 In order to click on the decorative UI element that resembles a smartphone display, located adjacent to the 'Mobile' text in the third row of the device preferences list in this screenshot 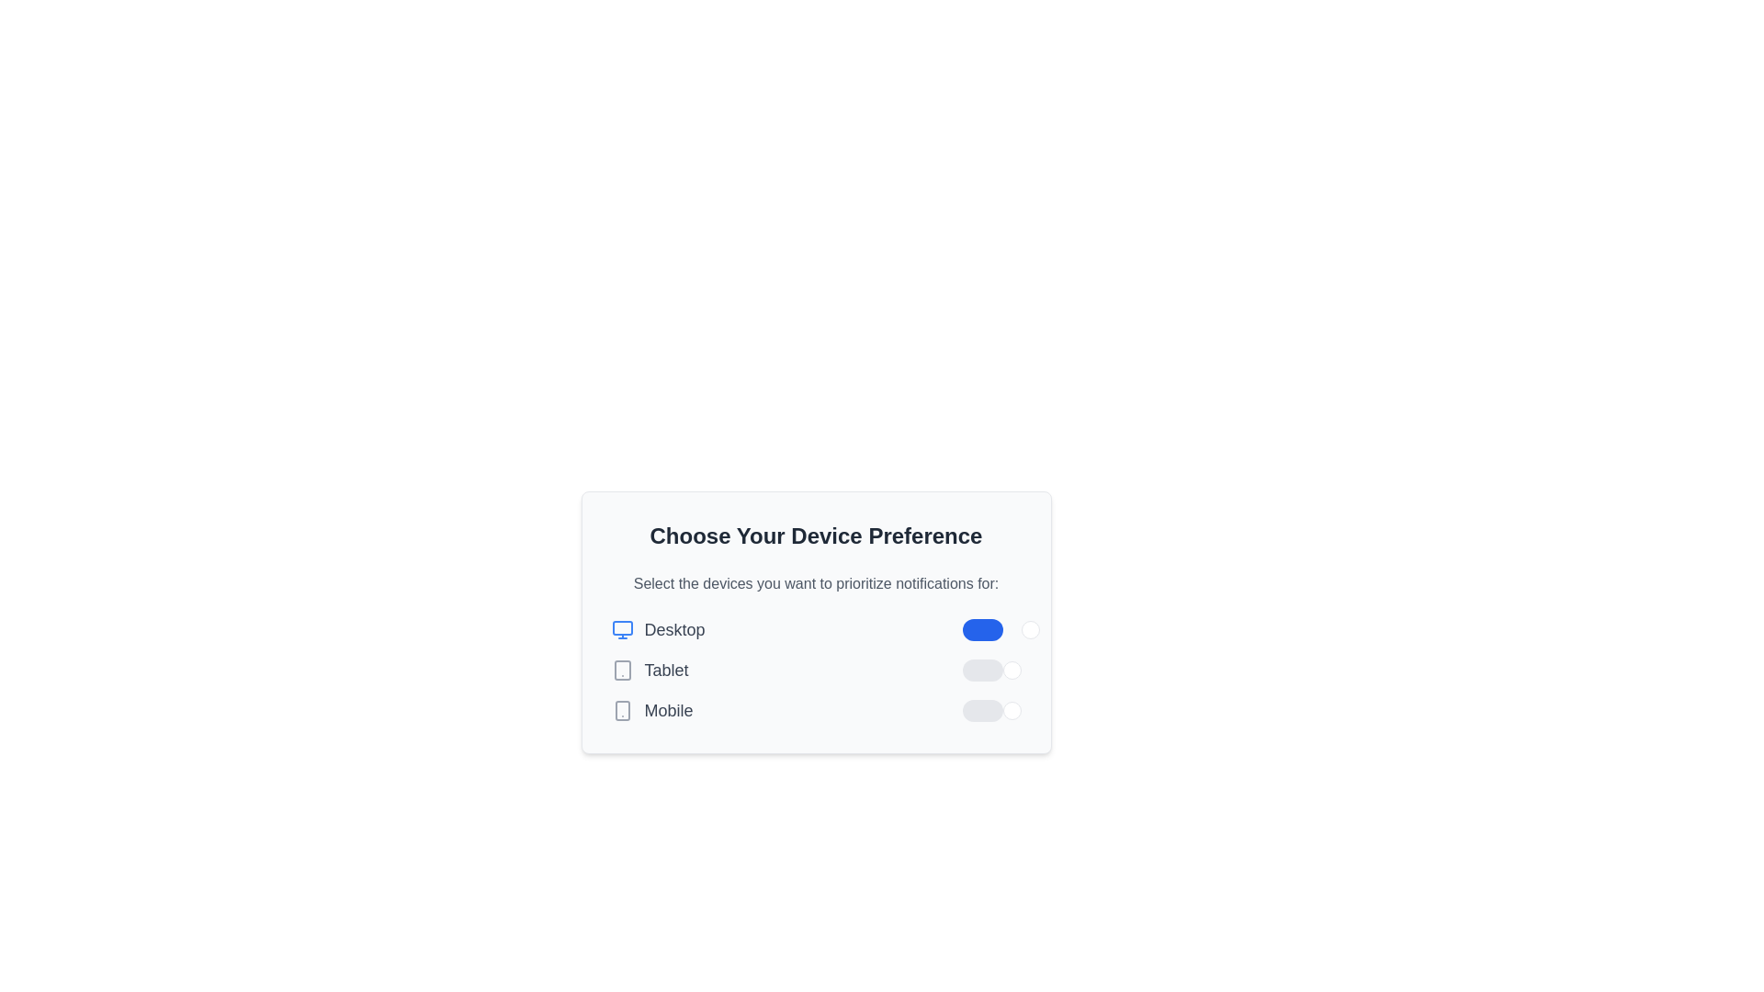, I will do `click(622, 710)`.